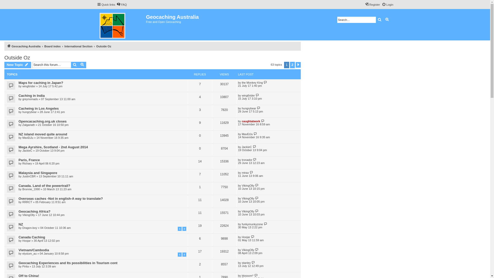  I want to click on 'Caching in India', so click(31, 95).